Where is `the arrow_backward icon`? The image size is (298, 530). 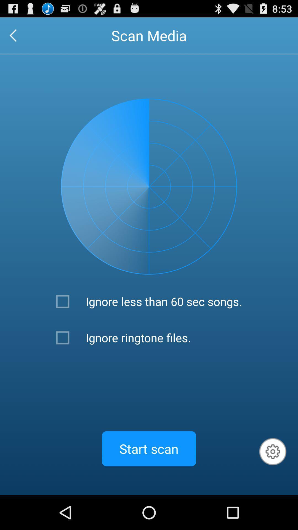 the arrow_backward icon is located at coordinates (13, 38).